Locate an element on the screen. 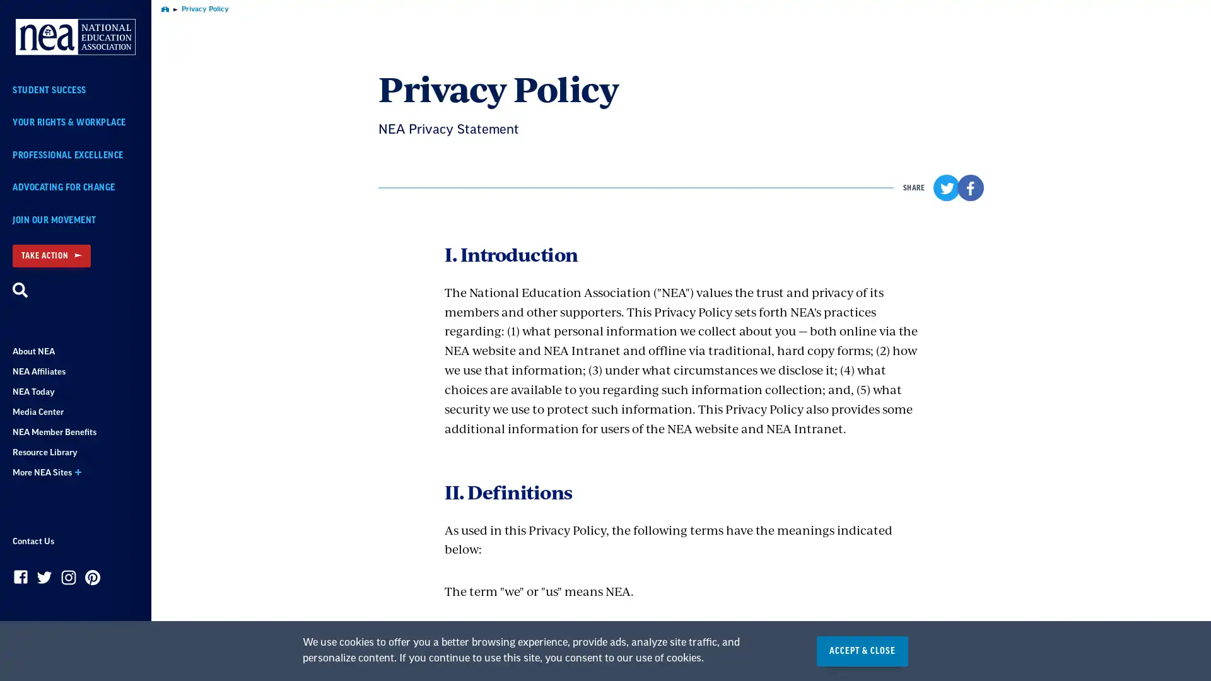 The image size is (1211, 681). Search is located at coordinates (20, 291).